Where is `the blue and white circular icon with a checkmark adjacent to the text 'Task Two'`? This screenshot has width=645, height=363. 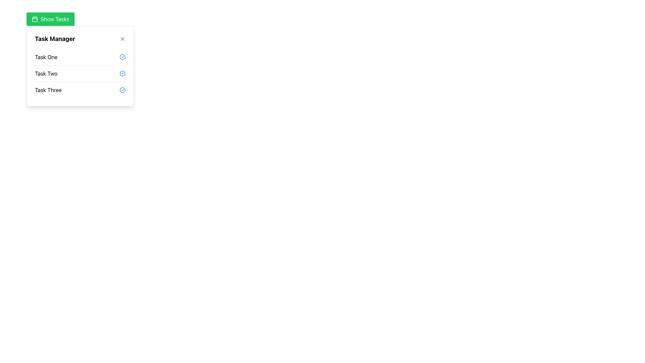
the blue and white circular icon with a checkmark adjacent to the text 'Task Two' is located at coordinates (122, 74).